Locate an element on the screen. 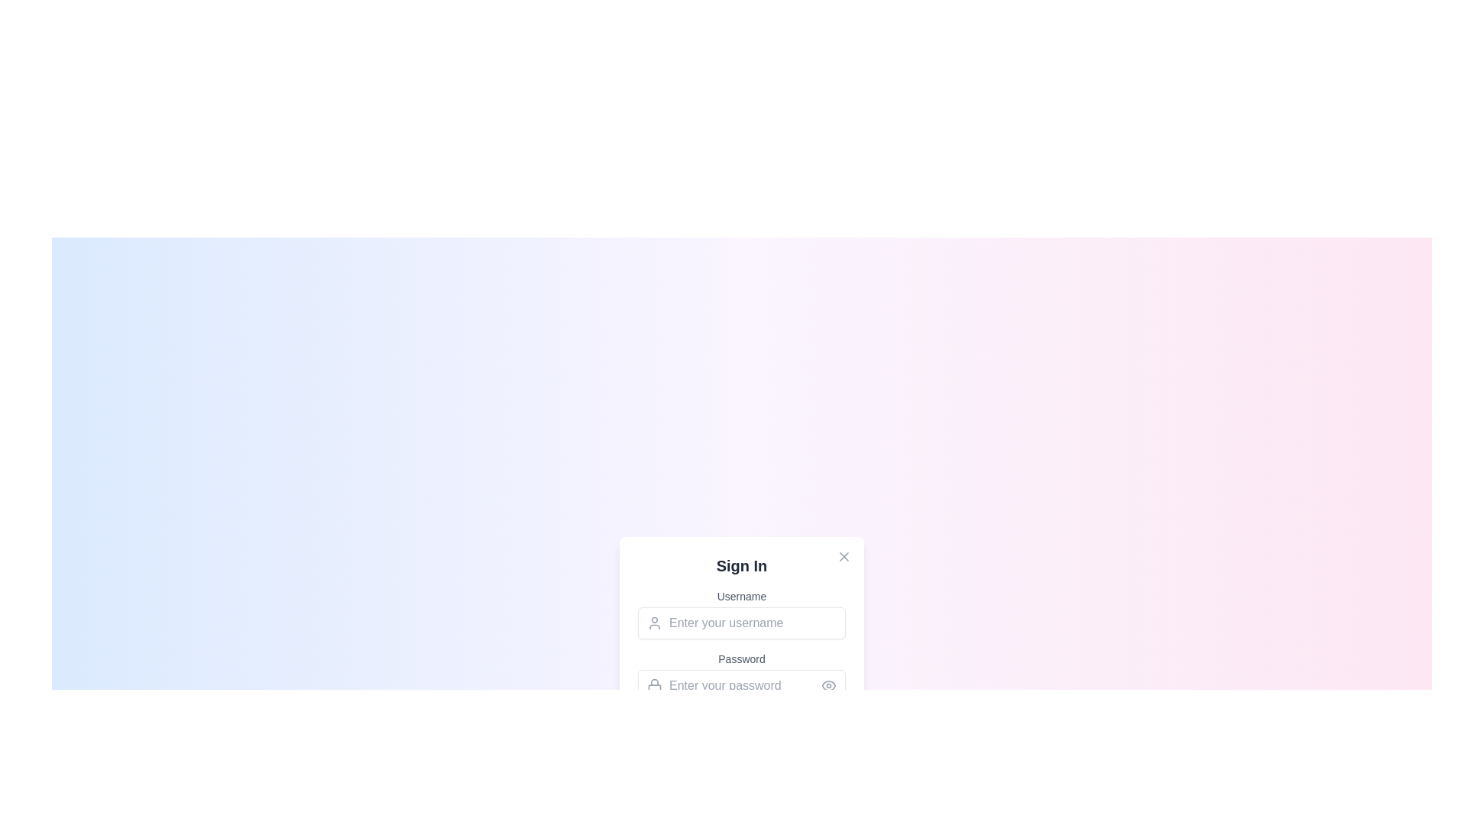 The width and height of the screenshot is (1467, 825). the label indicating the password input field, located centrally in the authentication modal dialog is located at coordinates (741, 658).